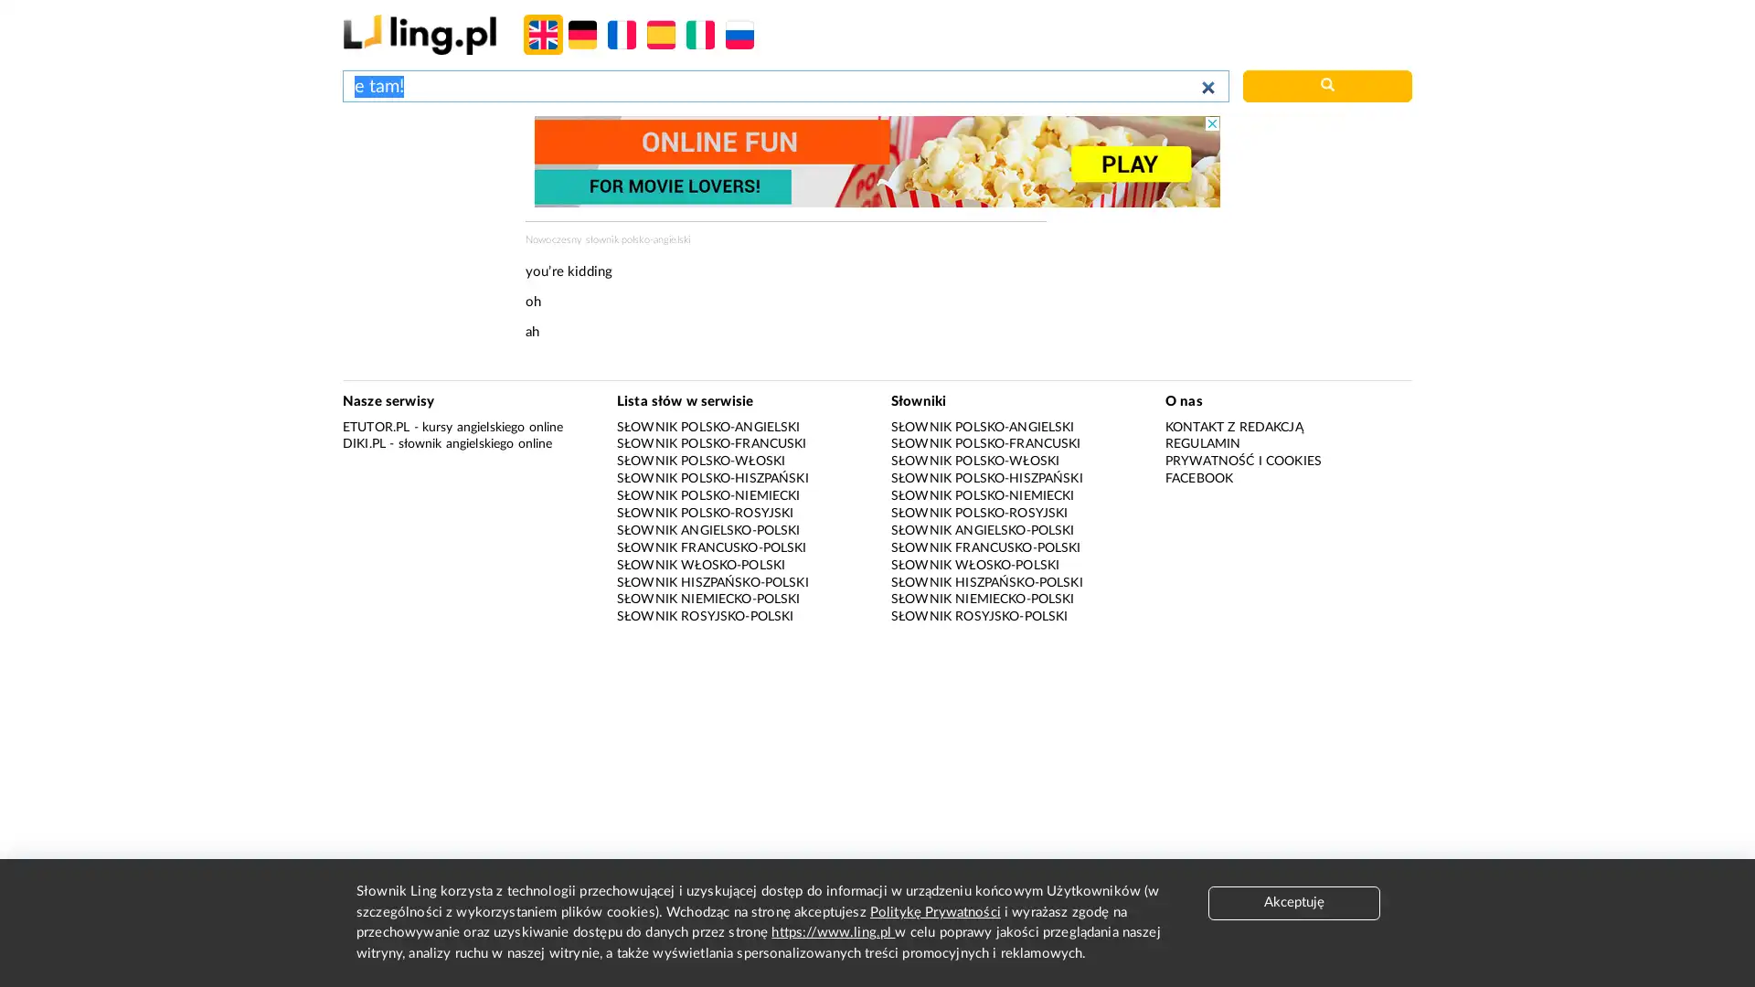  Describe the element at coordinates (1293, 901) in the screenshot. I see `Akceptuje` at that location.